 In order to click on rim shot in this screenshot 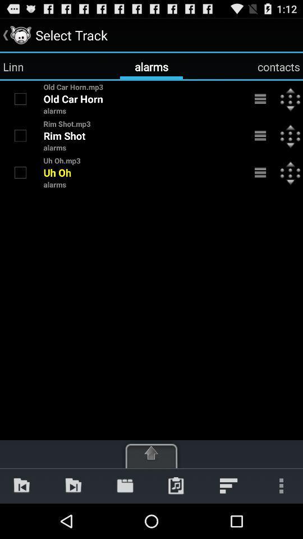, I will do `click(20, 135)`.